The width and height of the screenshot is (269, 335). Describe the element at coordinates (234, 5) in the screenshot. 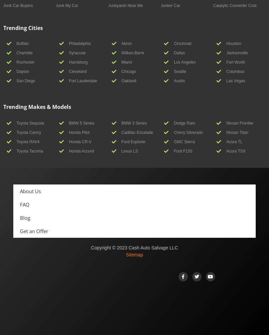

I see `'Catalytic Converter Cost'` at that location.